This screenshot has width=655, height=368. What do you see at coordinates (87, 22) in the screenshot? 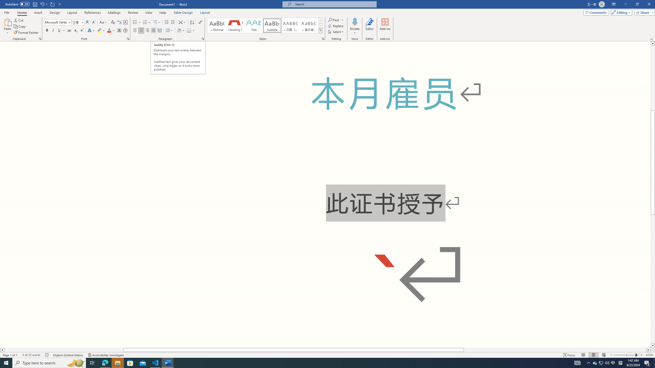
I see `'Grow Font'` at bounding box center [87, 22].